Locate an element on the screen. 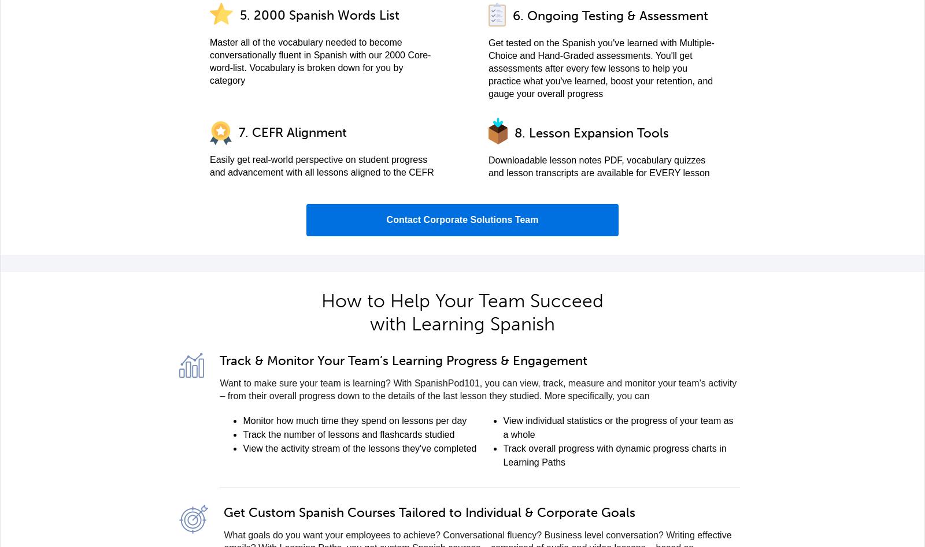 The image size is (925, 547). 'Get tested on the Spanish you've learned with Multiple-Choice and Hand-Graded assessments. You'll get assessments after every few lessons to help you practice what you've learned, boost your retention, and gauge your overall progress' is located at coordinates (487, 68).